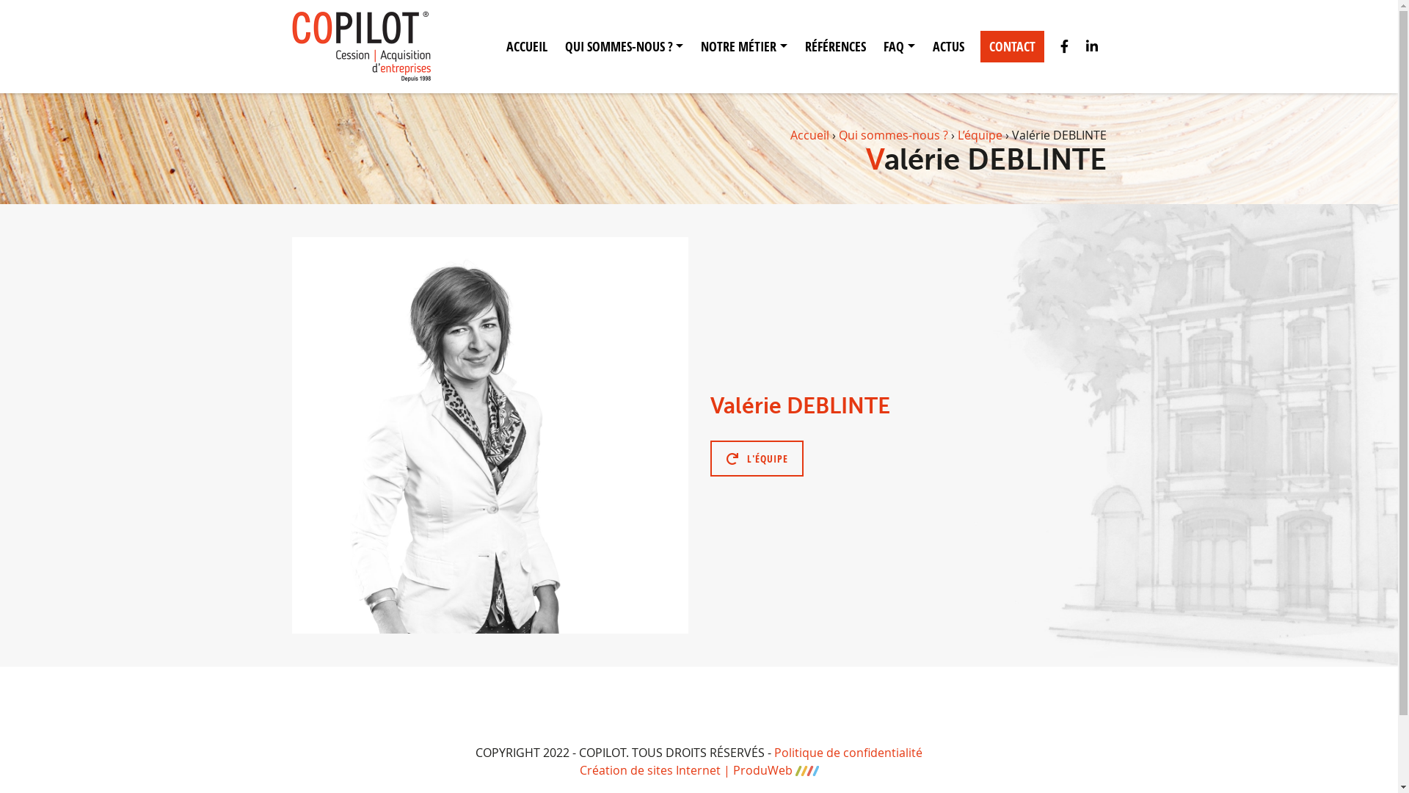 This screenshot has width=1409, height=793. I want to click on 'valerie-1', so click(489, 433).